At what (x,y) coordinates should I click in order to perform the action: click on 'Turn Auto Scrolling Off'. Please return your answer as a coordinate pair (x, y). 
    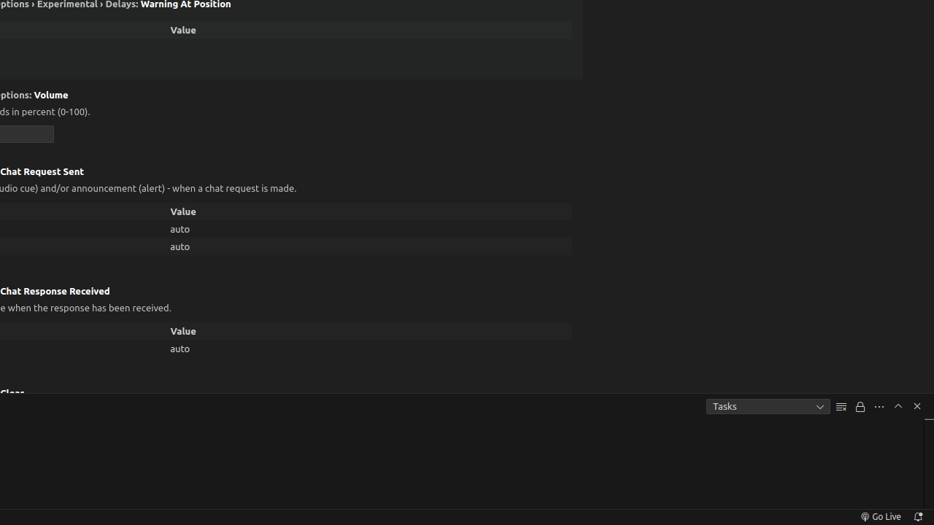
    Looking at the image, I should click on (860, 406).